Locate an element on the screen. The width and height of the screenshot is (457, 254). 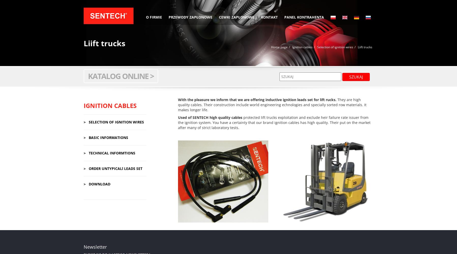
'>   SELECTION OF IGNITION WIRES' is located at coordinates (113, 121).